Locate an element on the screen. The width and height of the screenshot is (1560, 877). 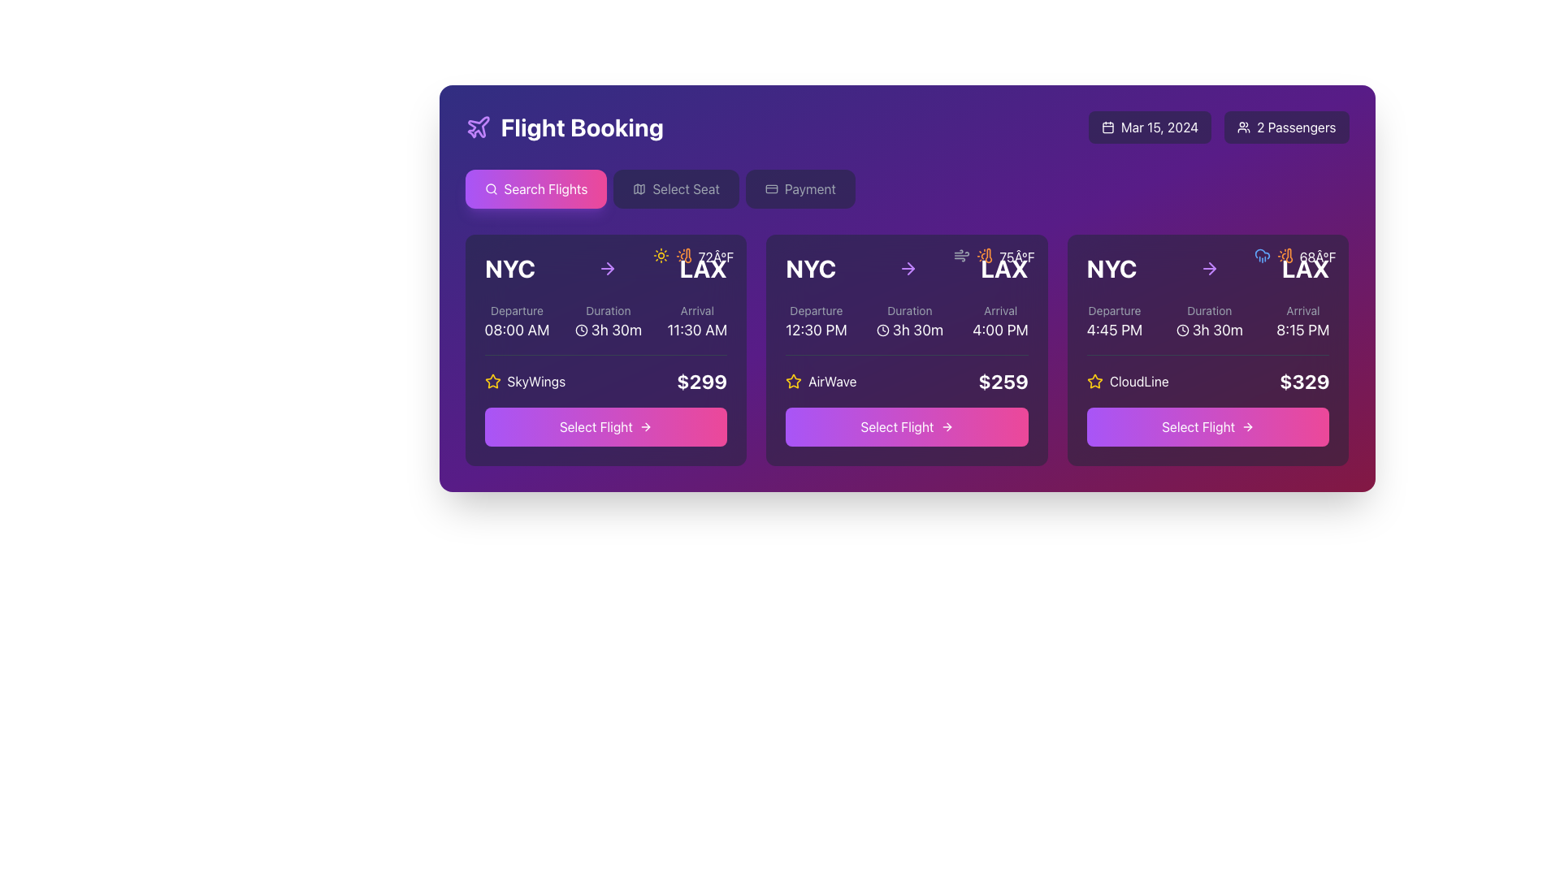
the button that allows users to specify or view the number of passengers, located to the right of the 'Mar 15, 2024.' button in the upper-right region of the interface to observe UI changes is located at coordinates (1285, 127).